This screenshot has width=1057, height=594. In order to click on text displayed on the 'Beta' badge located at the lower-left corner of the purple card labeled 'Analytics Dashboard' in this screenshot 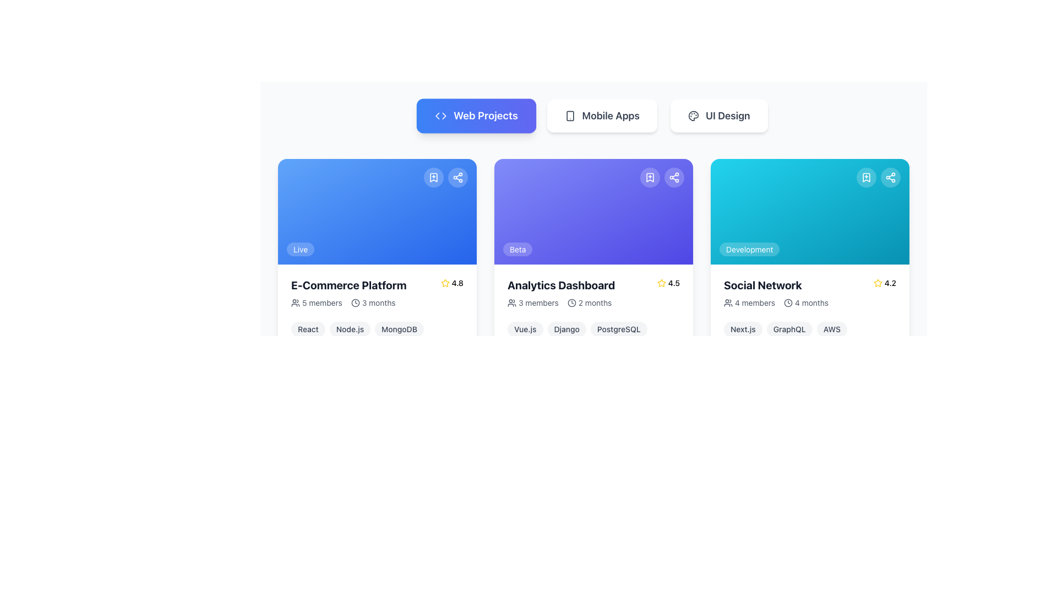, I will do `click(517, 249)`.